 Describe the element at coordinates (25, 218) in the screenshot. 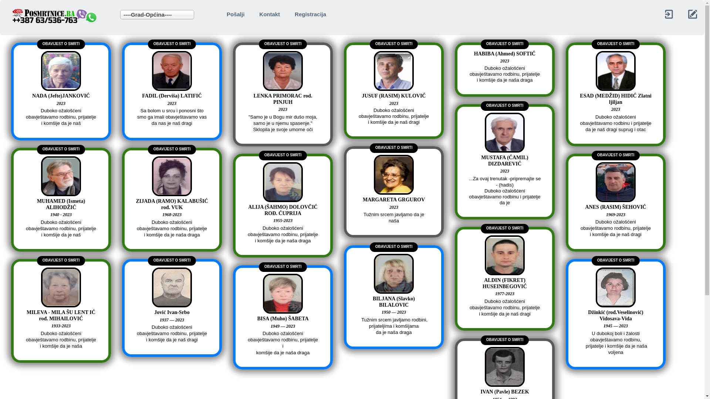

I see `'1940 - 2023'` at that location.